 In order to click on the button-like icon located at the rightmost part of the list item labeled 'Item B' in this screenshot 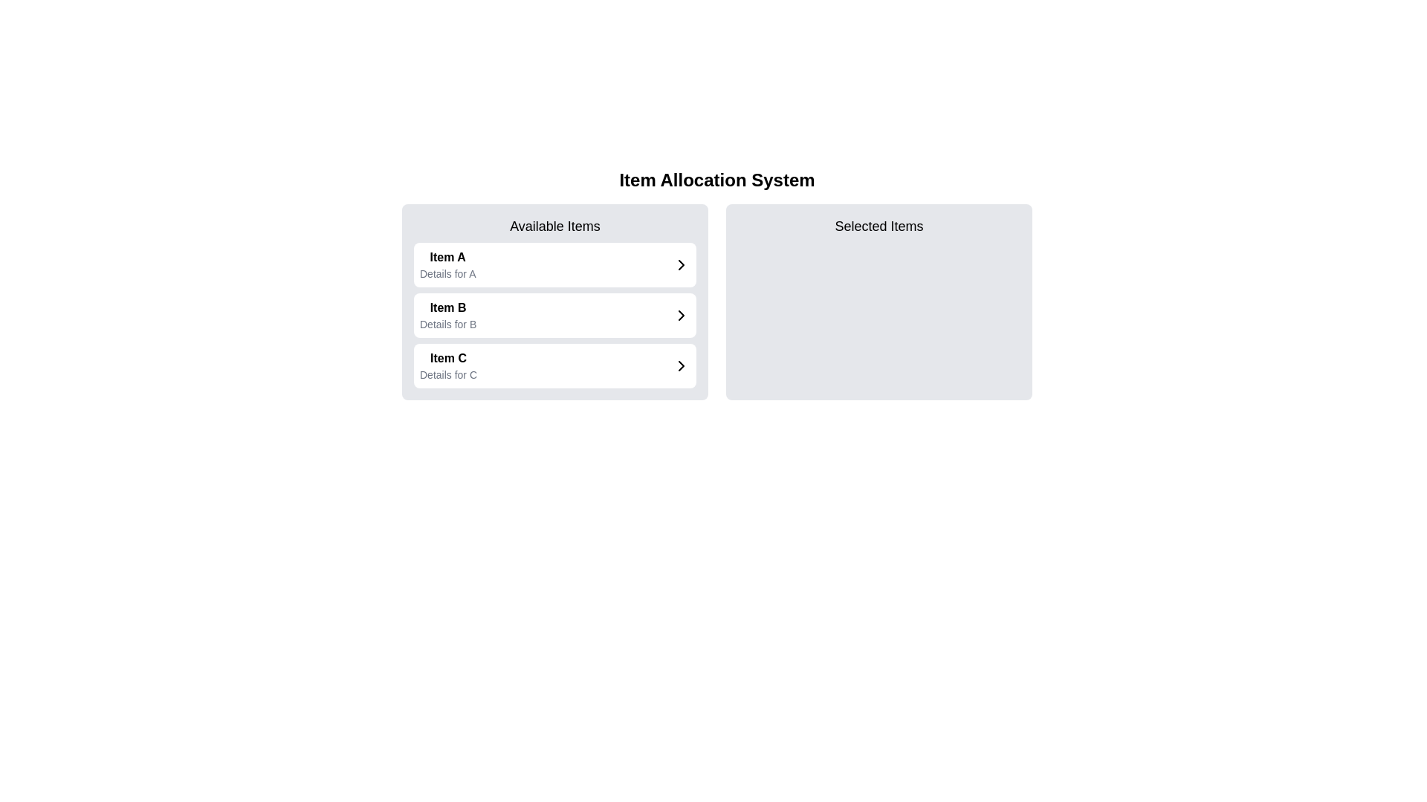, I will do `click(680, 314)`.